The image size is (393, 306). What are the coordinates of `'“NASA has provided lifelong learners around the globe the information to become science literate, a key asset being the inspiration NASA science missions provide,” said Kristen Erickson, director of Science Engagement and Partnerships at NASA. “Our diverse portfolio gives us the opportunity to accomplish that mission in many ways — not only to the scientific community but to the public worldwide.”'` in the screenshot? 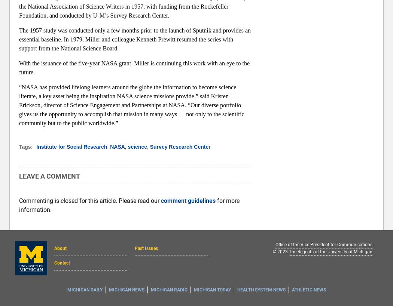 It's located at (131, 105).